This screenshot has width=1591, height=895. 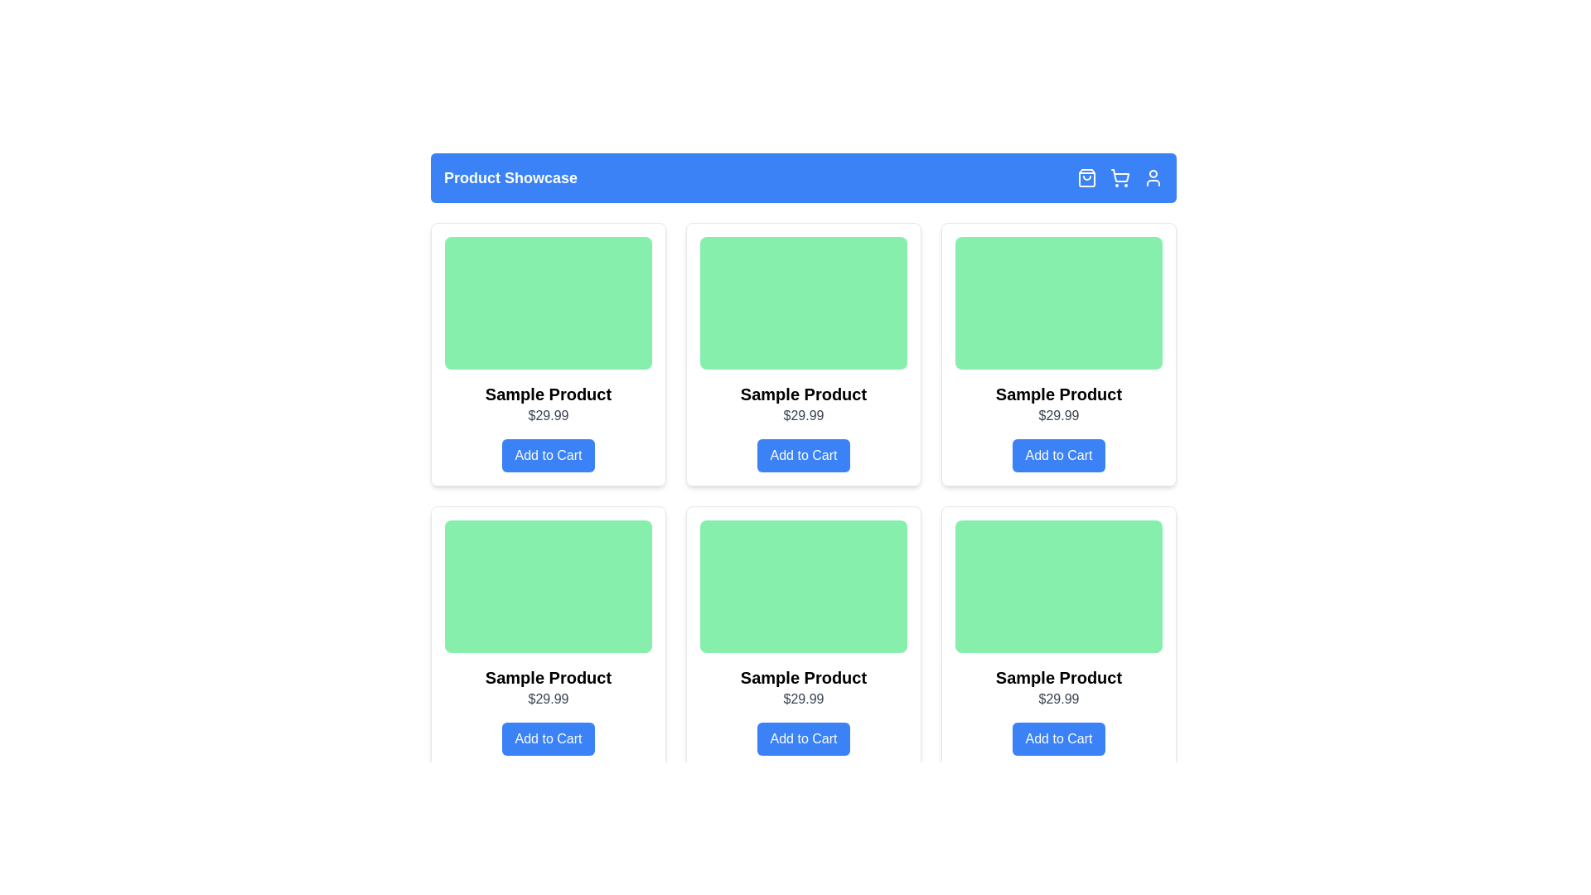 I want to click on the bold, black text label reading 'Sample Product', which is centrally aligned below the green image and above the price label and 'Add to Cart' button in the middle card of the bottom row, so click(x=803, y=677).